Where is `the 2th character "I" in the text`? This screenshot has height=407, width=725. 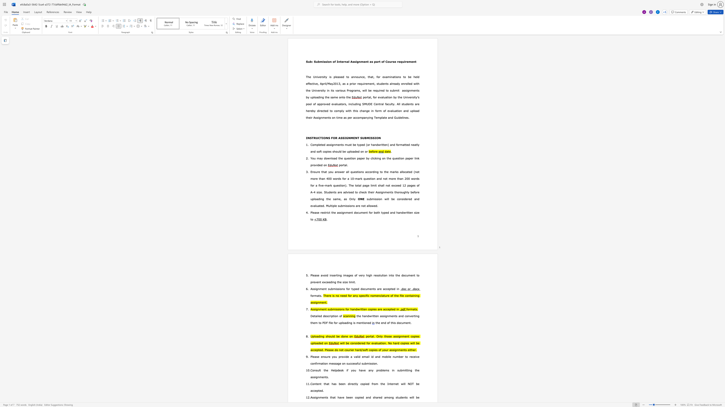 the 2th character "I" in the text is located at coordinates (322, 138).